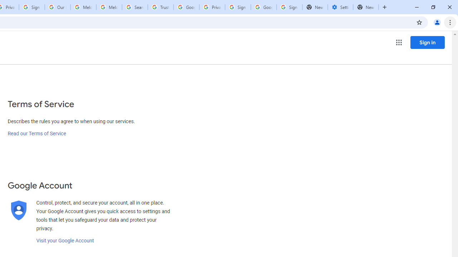  Describe the element at coordinates (398, 42) in the screenshot. I see `'Google apps'` at that location.